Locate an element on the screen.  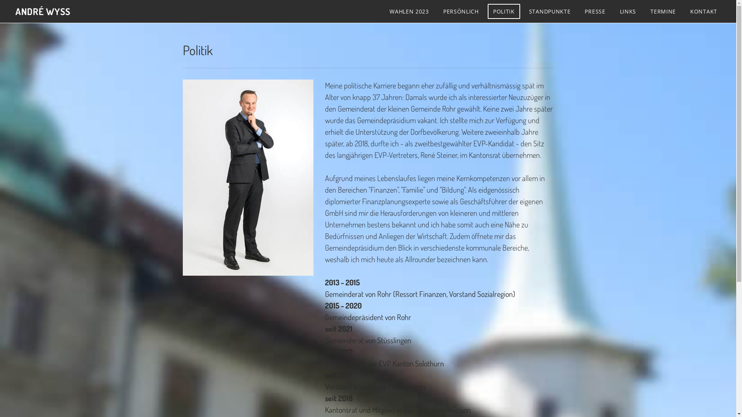
'TERMINE' is located at coordinates (663, 11).